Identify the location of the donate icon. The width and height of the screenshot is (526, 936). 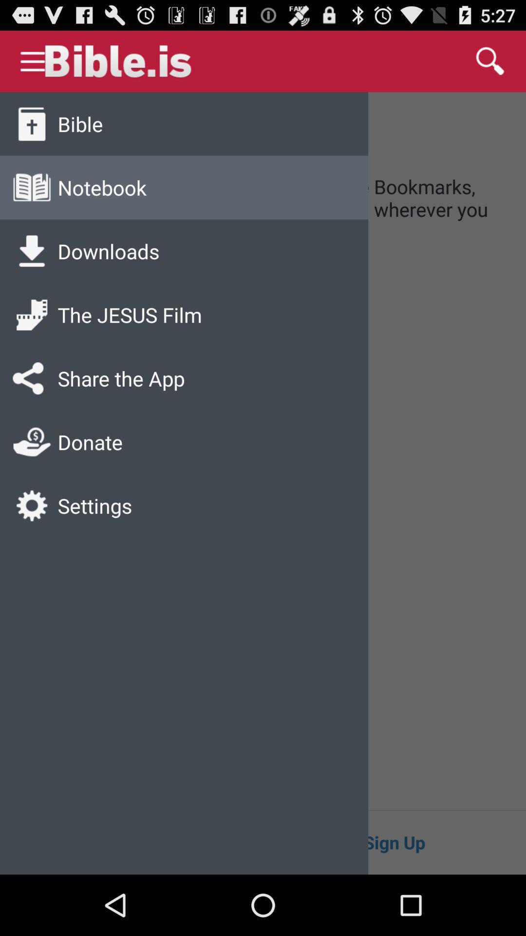
(31, 442).